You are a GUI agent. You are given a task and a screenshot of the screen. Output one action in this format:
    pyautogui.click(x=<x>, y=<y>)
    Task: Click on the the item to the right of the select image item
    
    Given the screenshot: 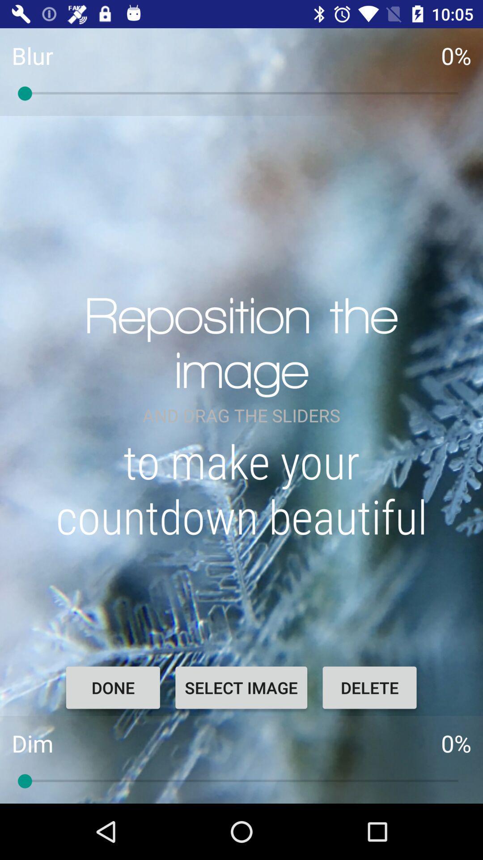 What is the action you would take?
    pyautogui.click(x=369, y=687)
    